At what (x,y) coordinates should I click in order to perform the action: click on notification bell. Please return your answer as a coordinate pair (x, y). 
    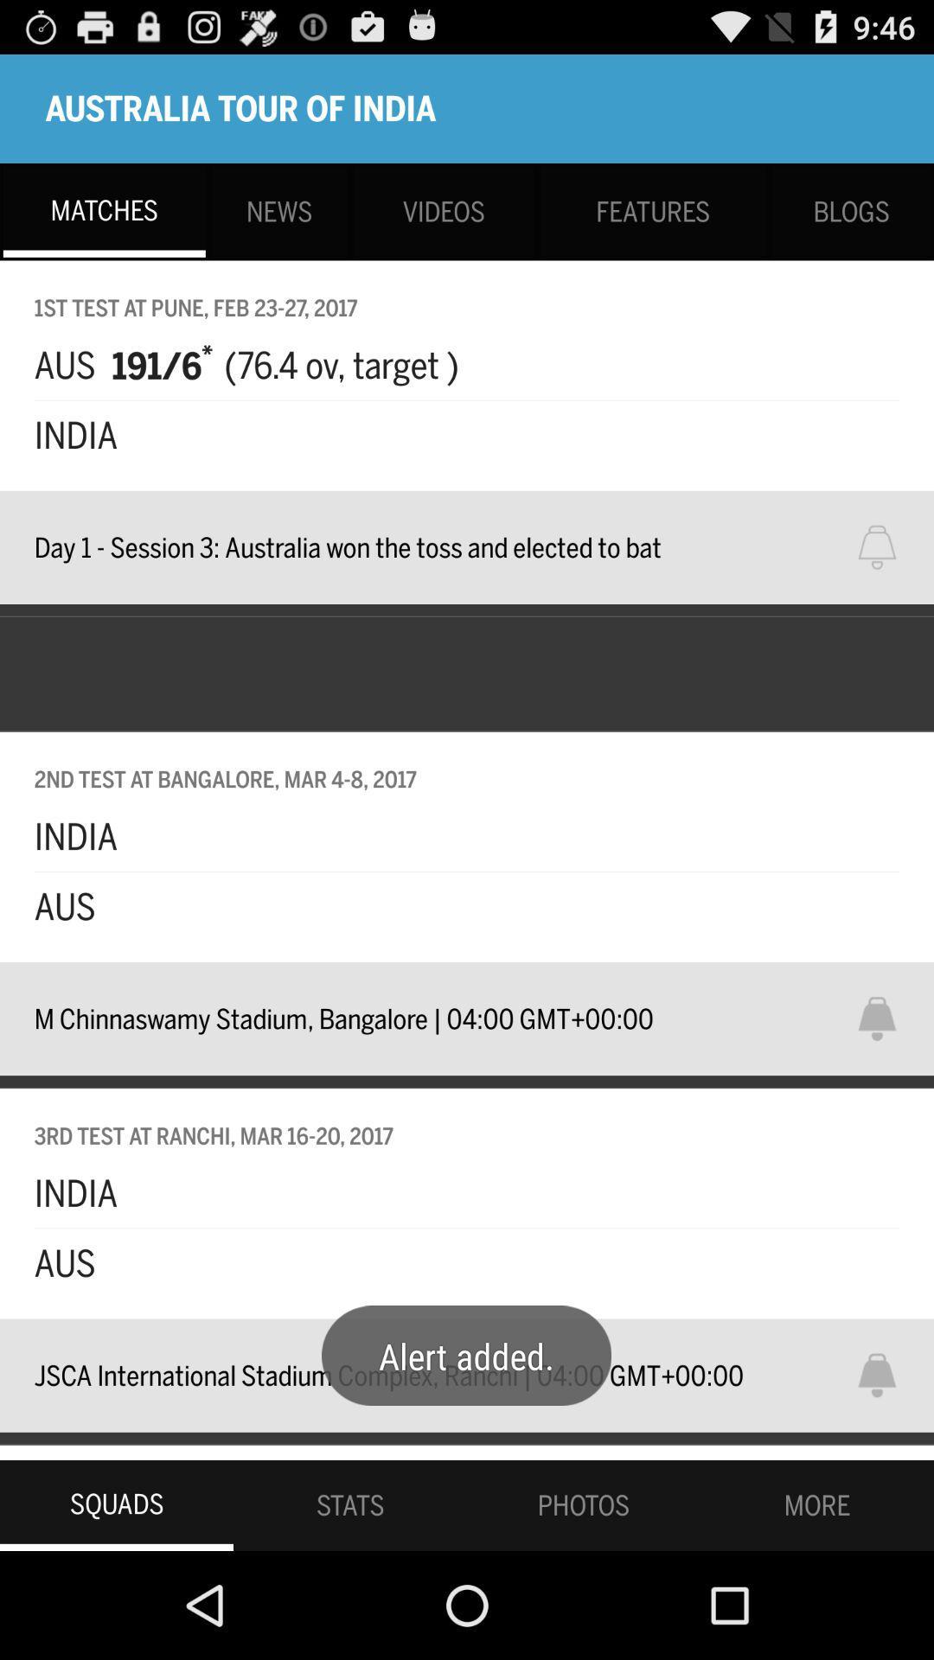
    Looking at the image, I should click on (888, 546).